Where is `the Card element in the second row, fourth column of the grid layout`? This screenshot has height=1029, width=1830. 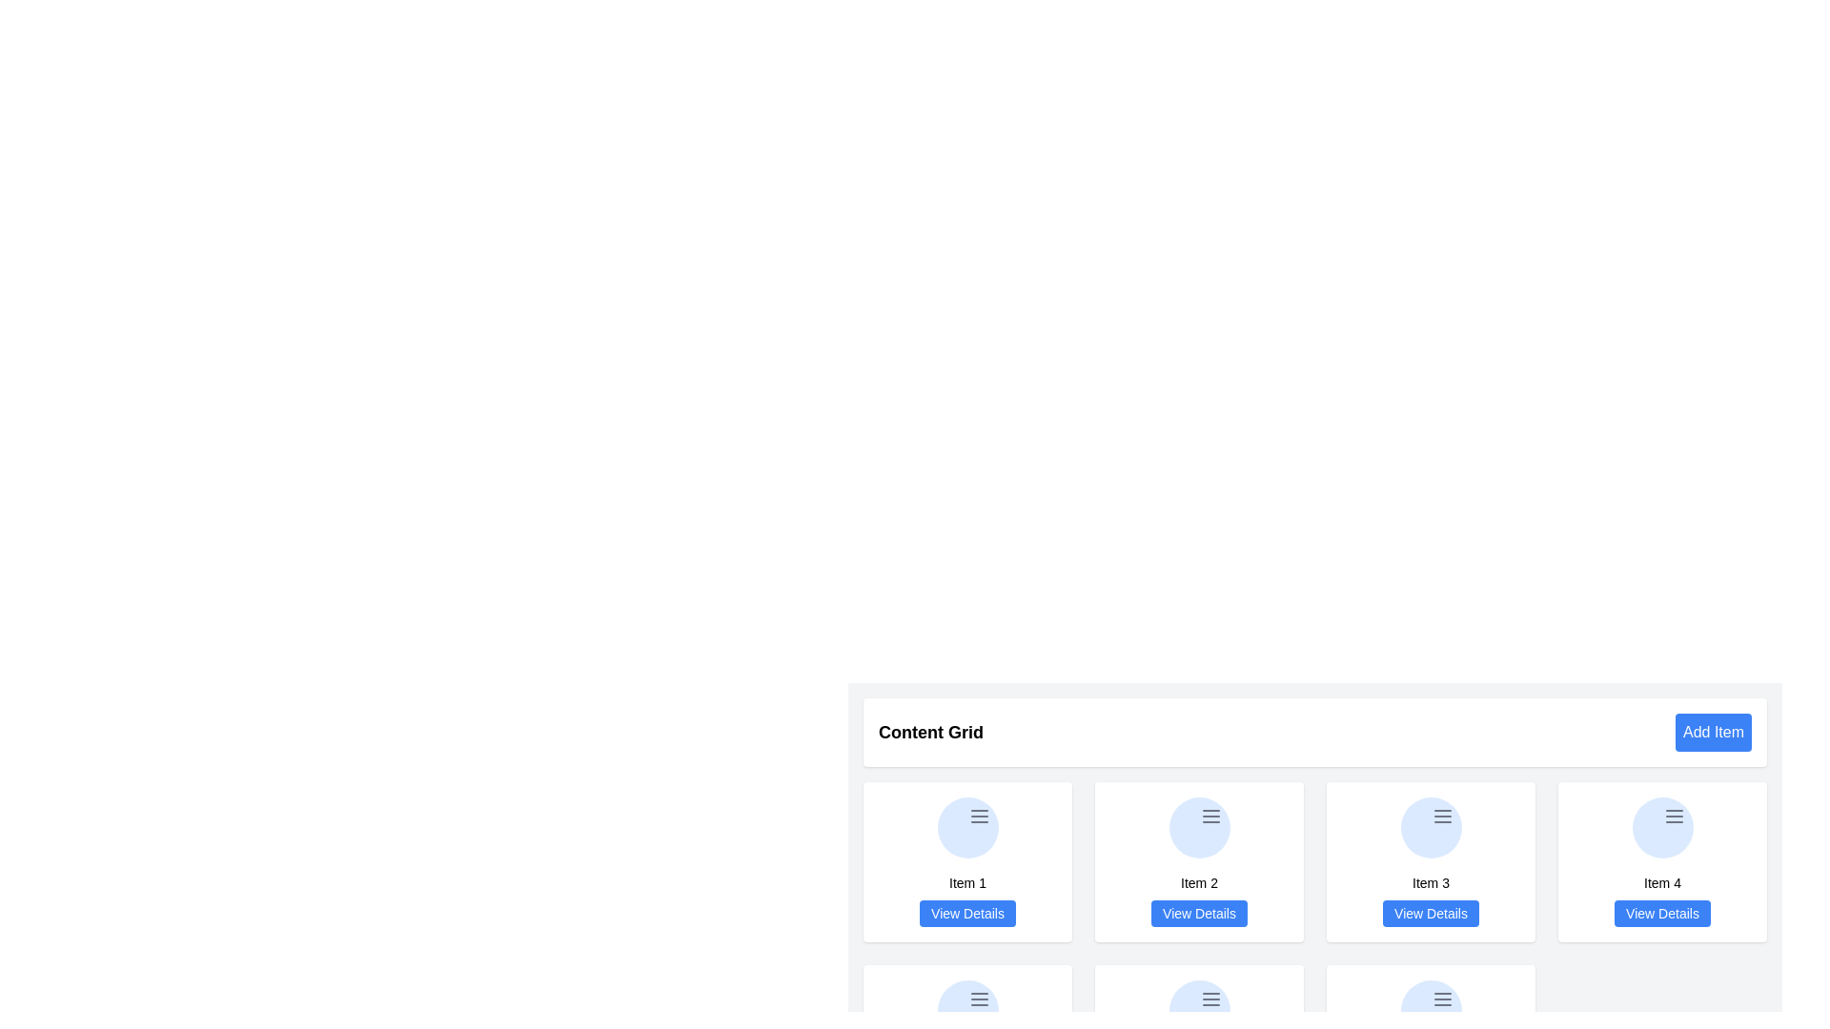
the Card element in the second row, fourth column of the grid layout is located at coordinates (1661, 862).